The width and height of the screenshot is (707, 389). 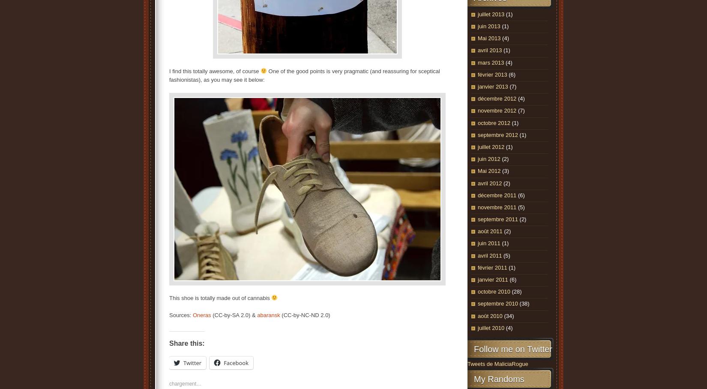 I want to click on 'juin 2012', so click(x=478, y=158).